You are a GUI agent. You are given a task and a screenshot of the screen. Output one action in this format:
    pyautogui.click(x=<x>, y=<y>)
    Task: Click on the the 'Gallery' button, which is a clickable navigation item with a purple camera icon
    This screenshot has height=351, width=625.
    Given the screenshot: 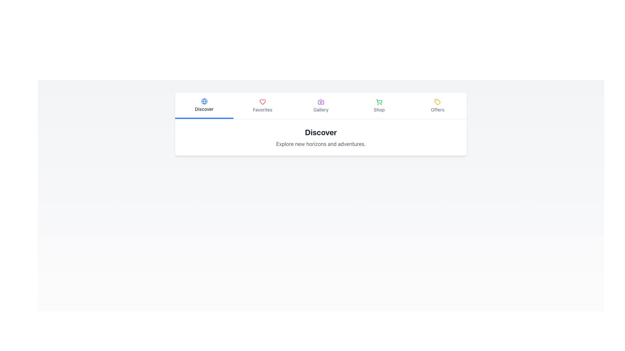 What is the action you would take?
    pyautogui.click(x=321, y=106)
    